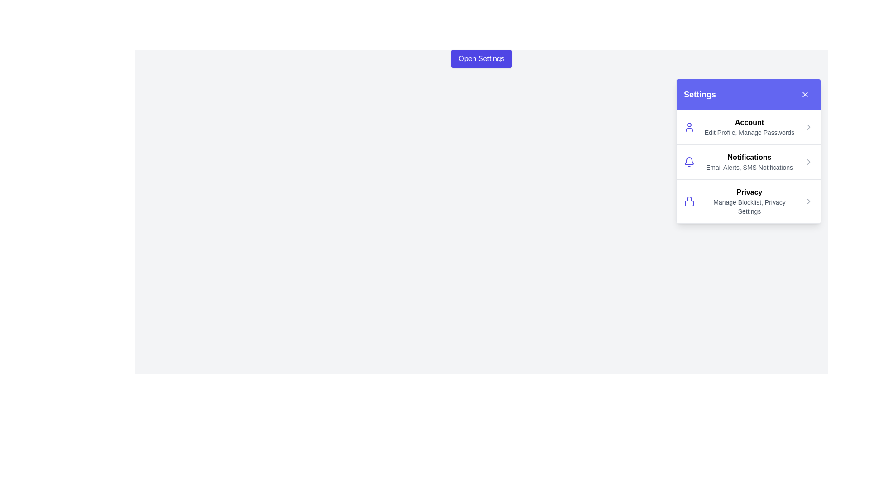 The height and width of the screenshot is (489, 869). Describe the element at coordinates (688, 127) in the screenshot. I see `the 'Account' icon in the settings panel, which is the leftmost component of the row labeled 'Account Edit Profile, Manage Passwords'` at that location.